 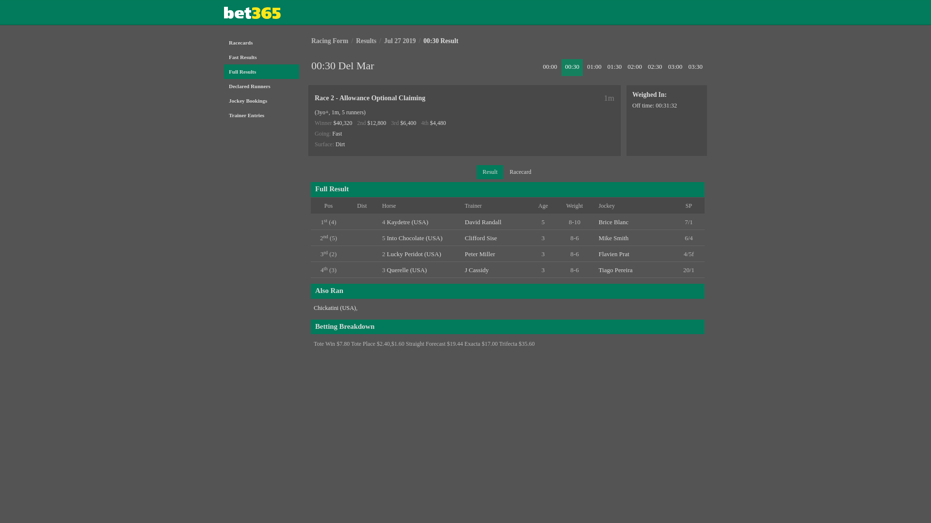 What do you see at coordinates (465, 253) in the screenshot?
I see `'Peter Miller'` at bounding box center [465, 253].